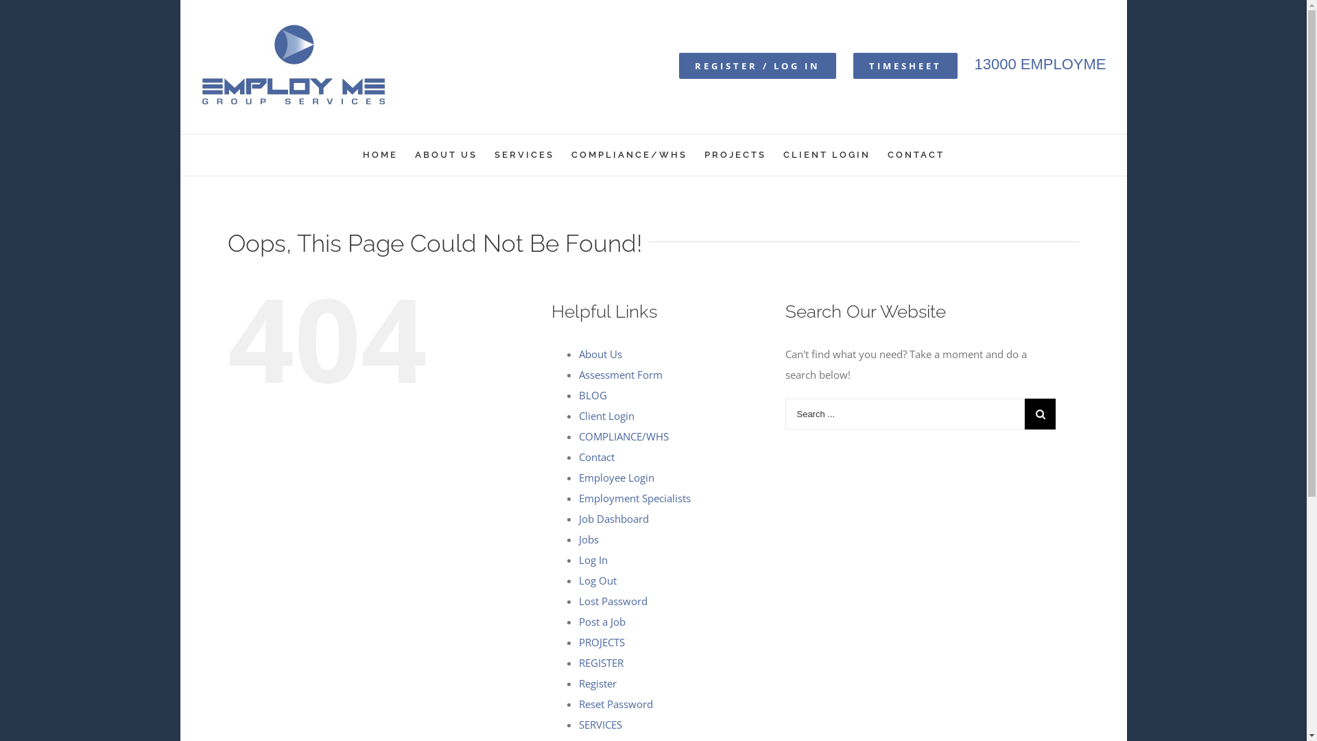 The image size is (1317, 741). What do you see at coordinates (1040, 63) in the screenshot?
I see `'13000 EMPLOYME'` at bounding box center [1040, 63].